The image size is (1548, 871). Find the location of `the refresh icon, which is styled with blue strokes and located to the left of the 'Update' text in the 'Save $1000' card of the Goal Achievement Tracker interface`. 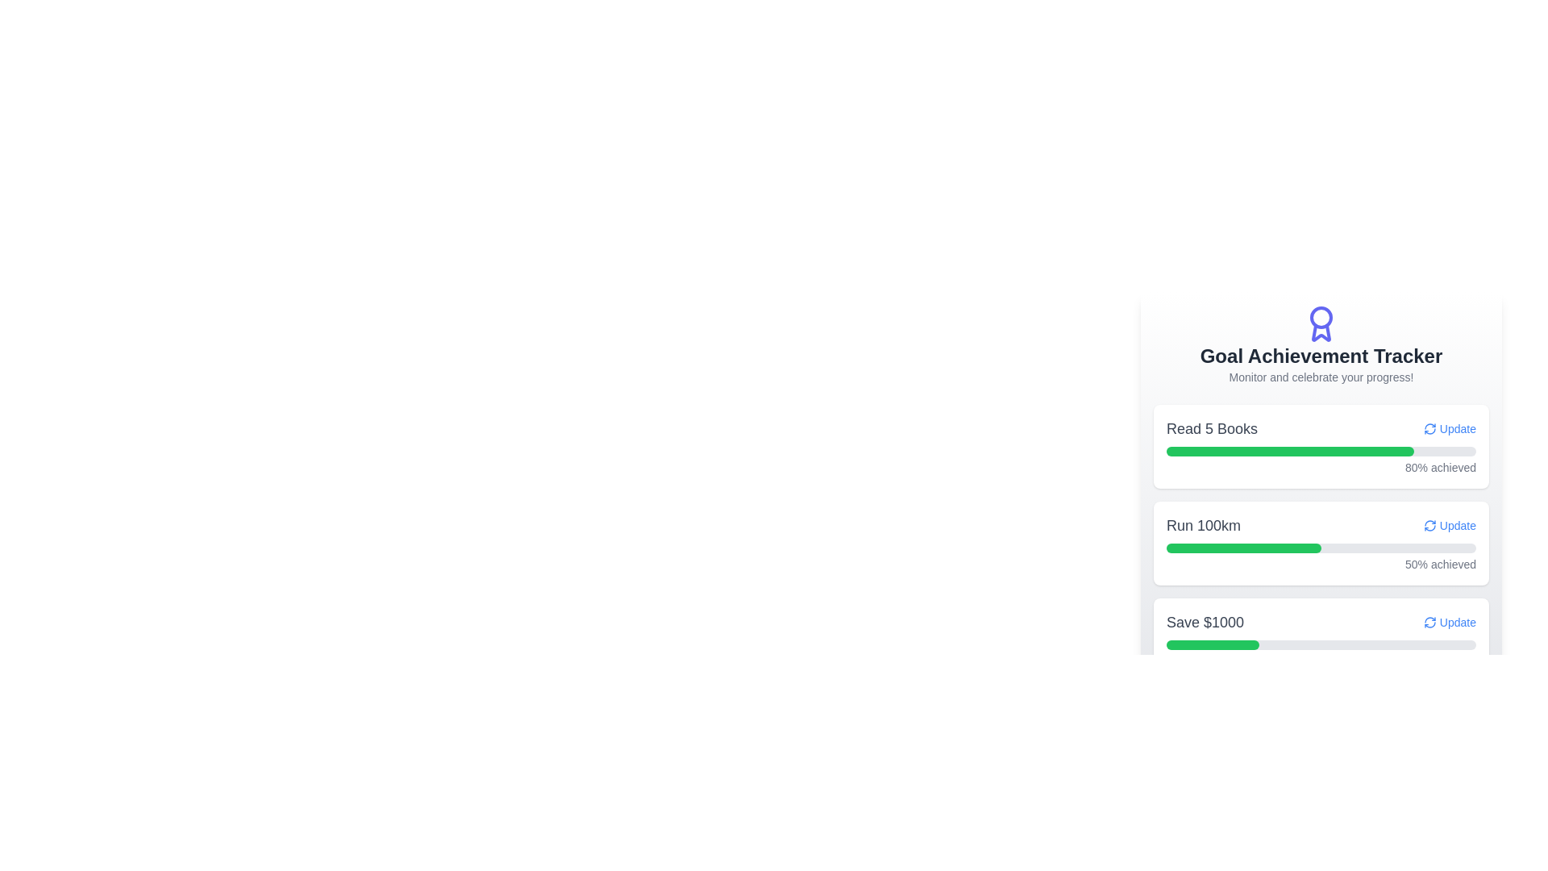

the refresh icon, which is styled with blue strokes and located to the left of the 'Update' text in the 'Save $1000' card of the Goal Achievement Tracker interface is located at coordinates (1429, 621).